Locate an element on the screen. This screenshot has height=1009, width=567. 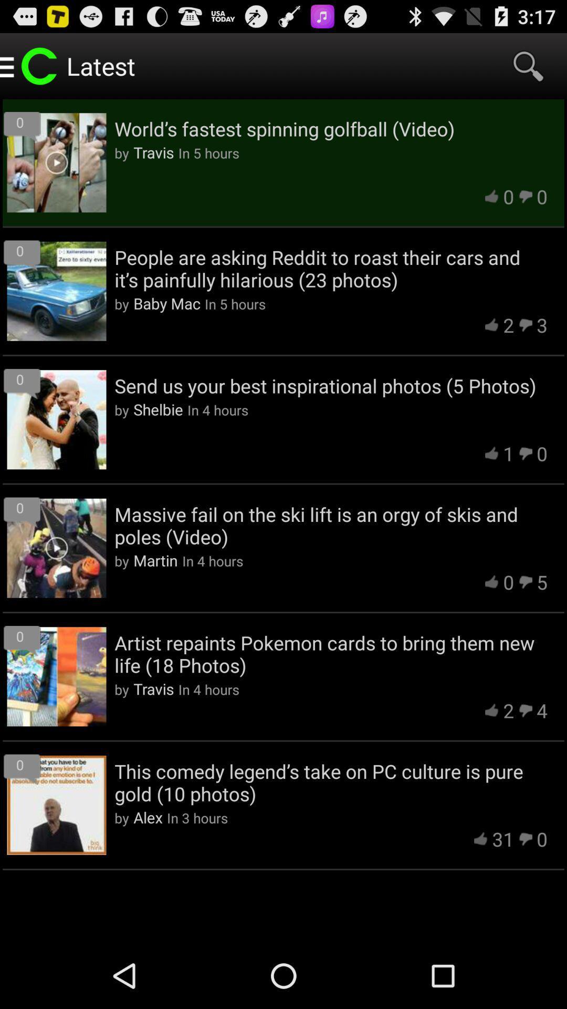
app to the left of in 5 hours app is located at coordinates (166, 303).